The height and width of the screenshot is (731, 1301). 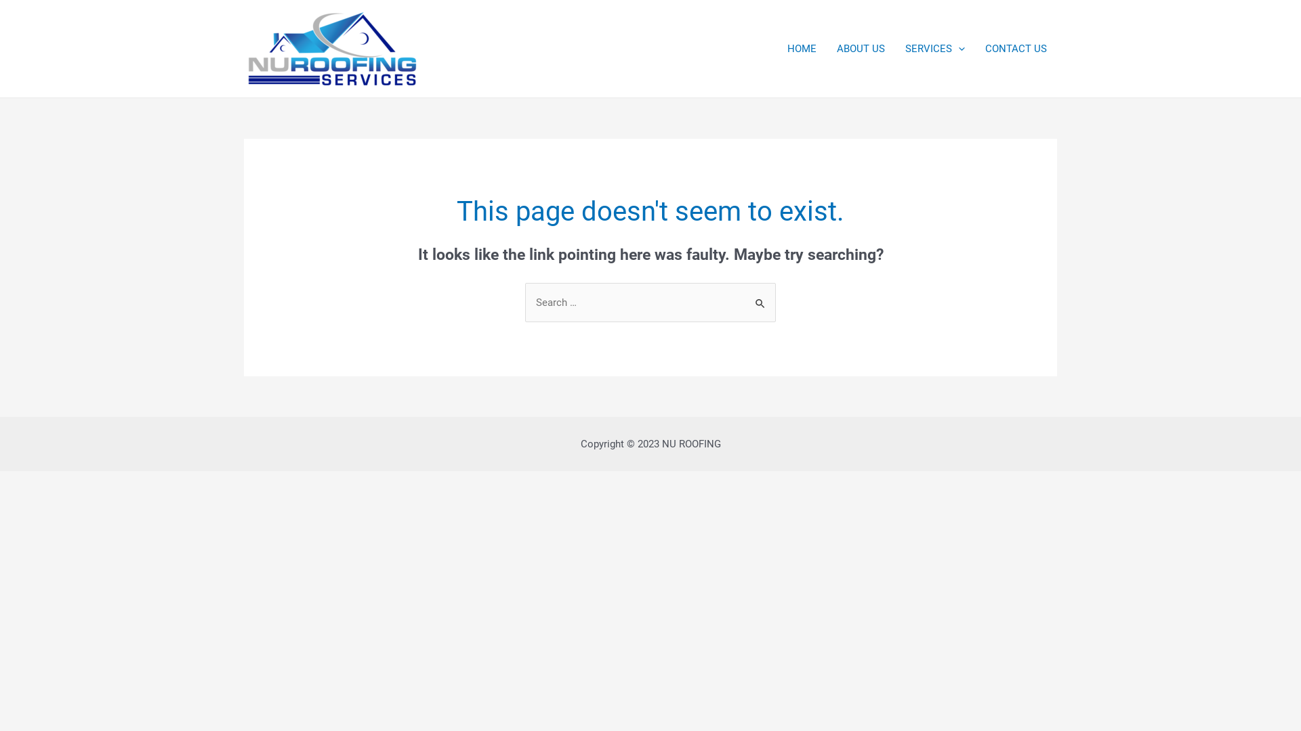 I want to click on 'SERVICES', so click(x=934, y=48).